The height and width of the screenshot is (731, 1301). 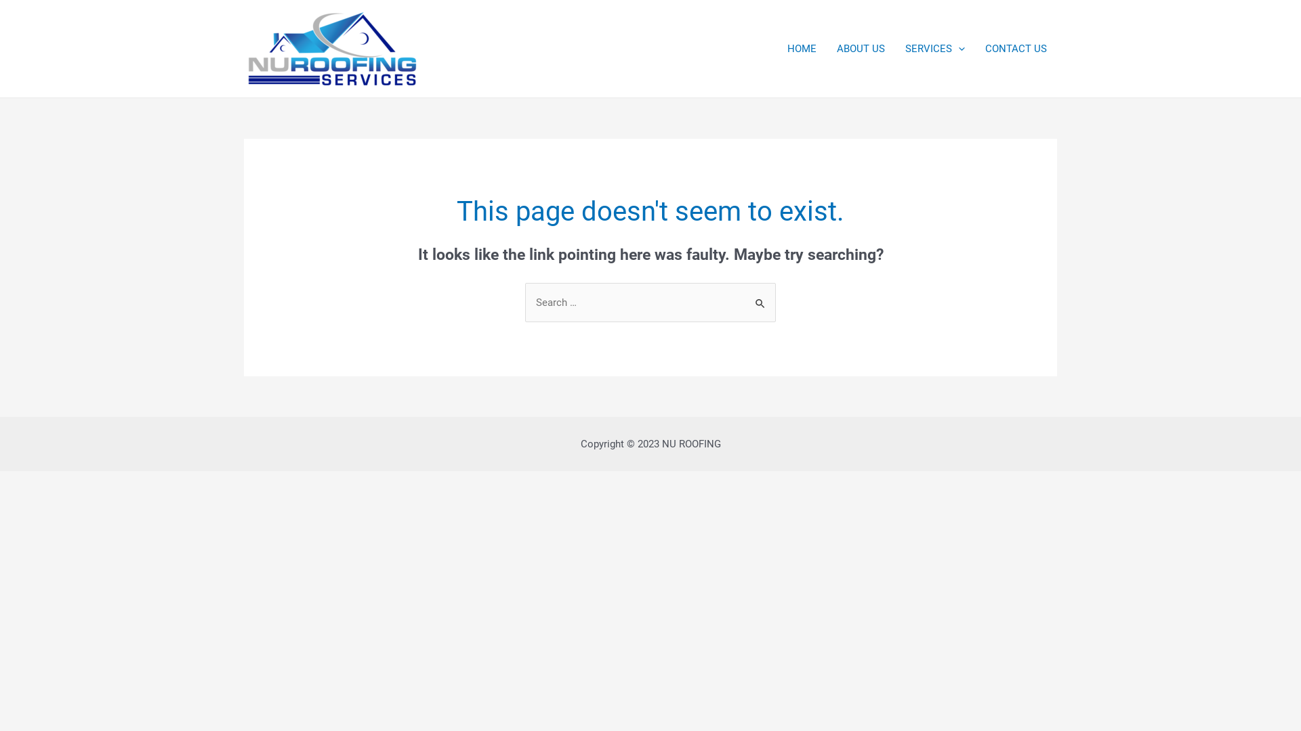 I want to click on 'SERVICES', so click(x=934, y=48).